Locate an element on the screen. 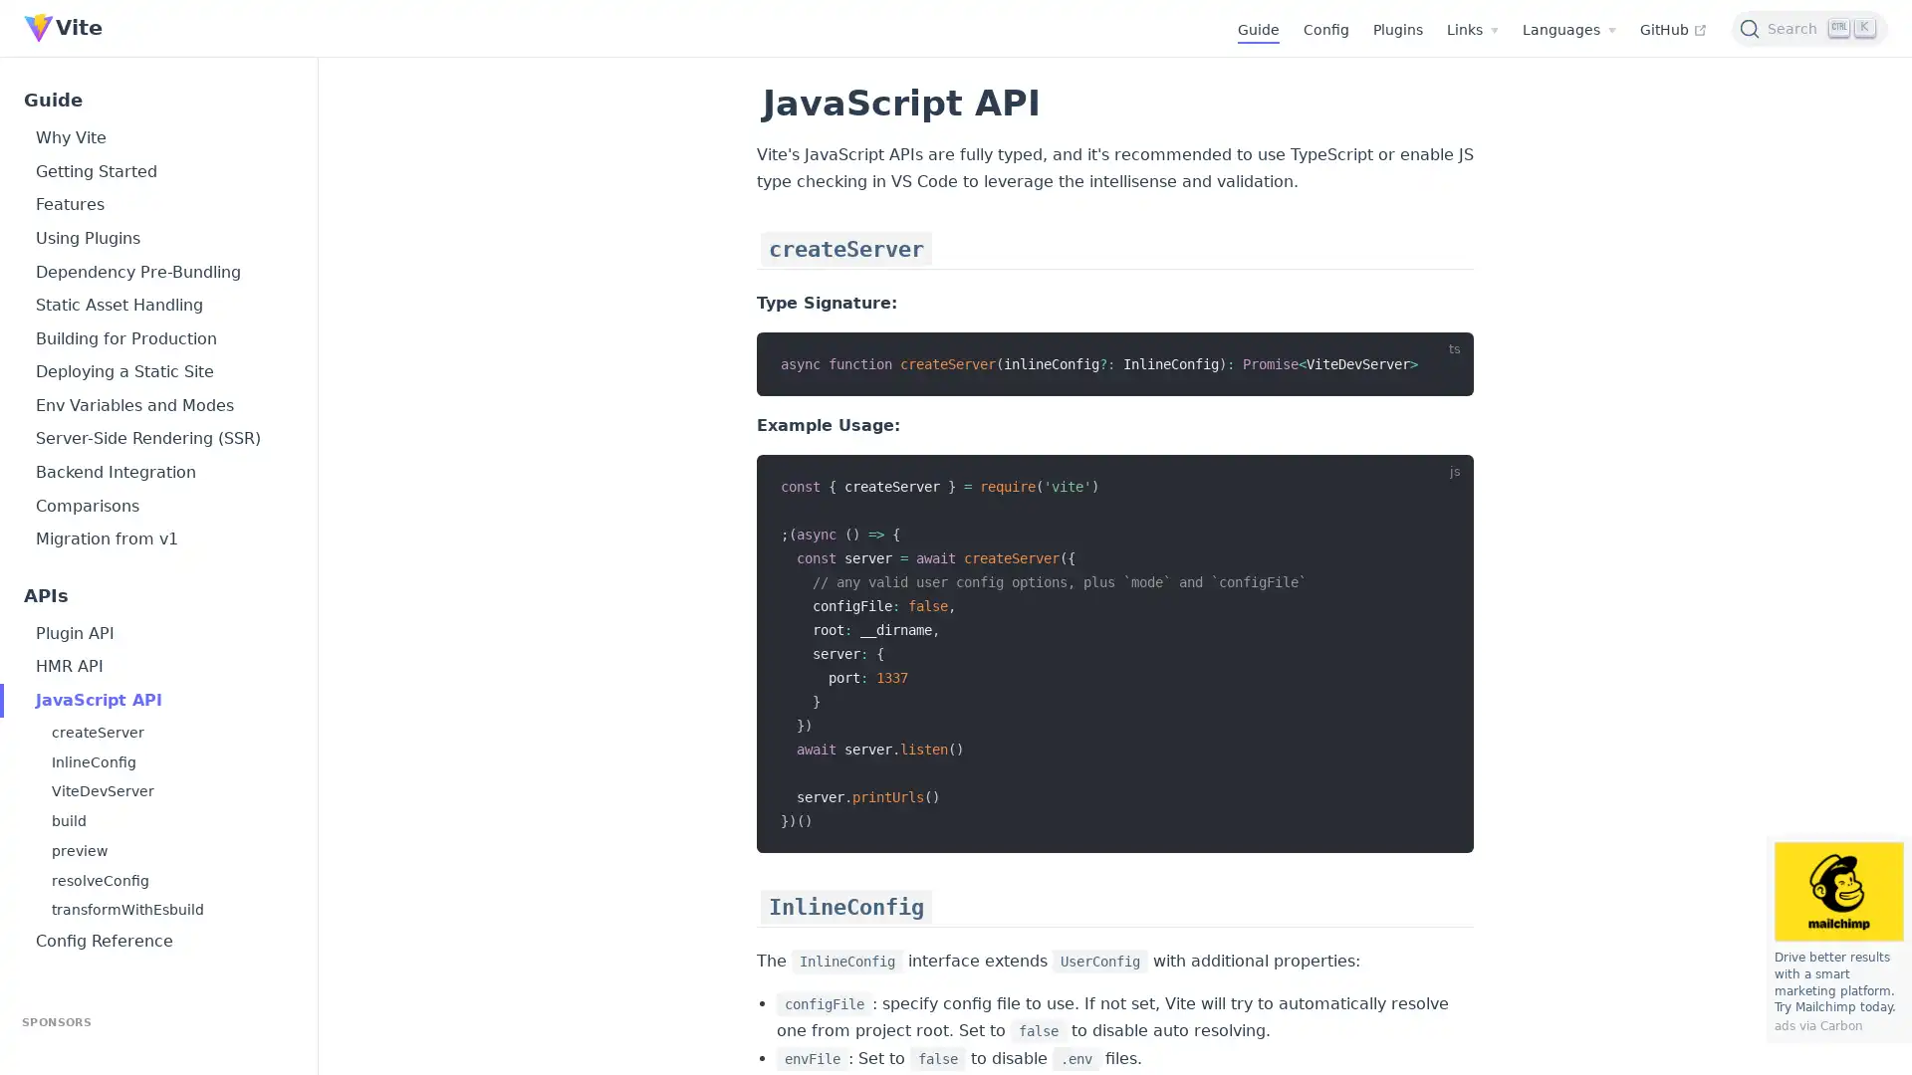 This screenshot has width=1912, height=1075. Search is located at coordinates (1809, 27).